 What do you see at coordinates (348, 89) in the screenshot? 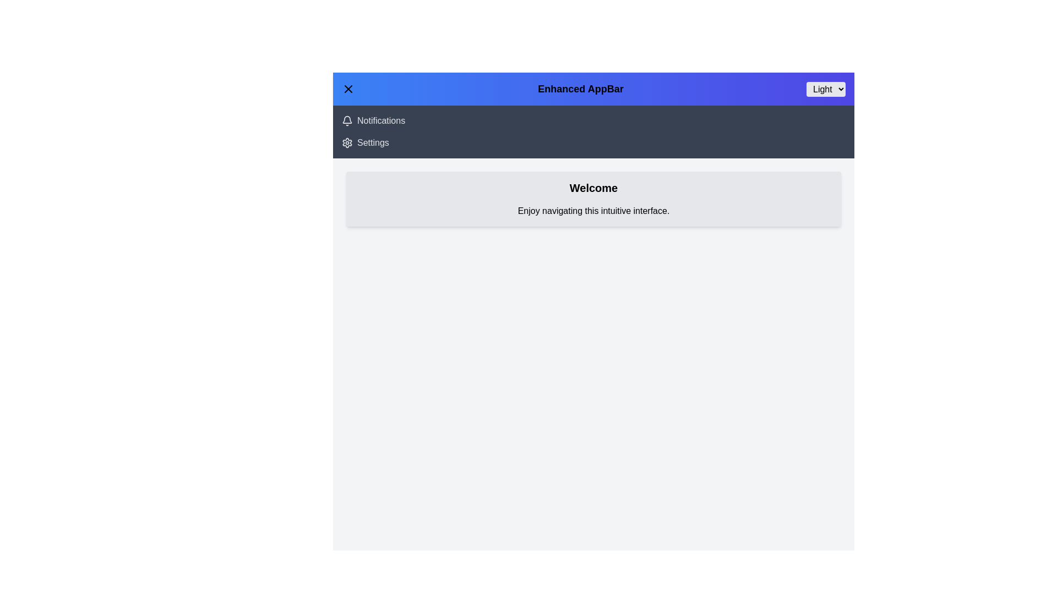
I see `menu toggle button to toggle the menu visibility` at bounding box center [348, 89].